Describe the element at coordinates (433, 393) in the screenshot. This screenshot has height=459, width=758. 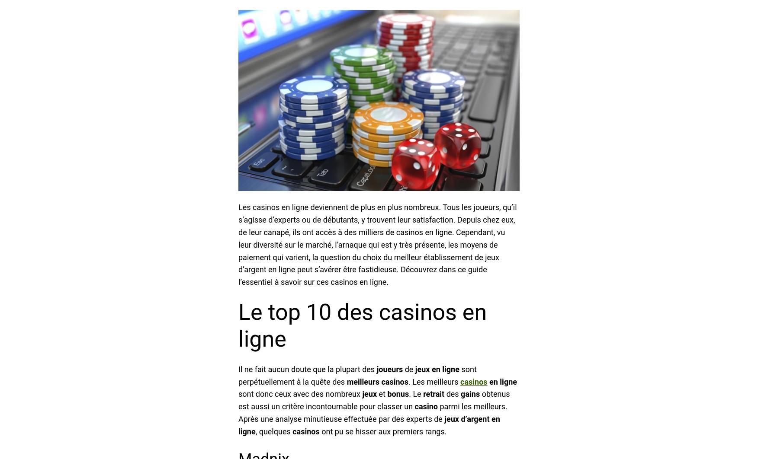
I see `'retrait'` at that location.